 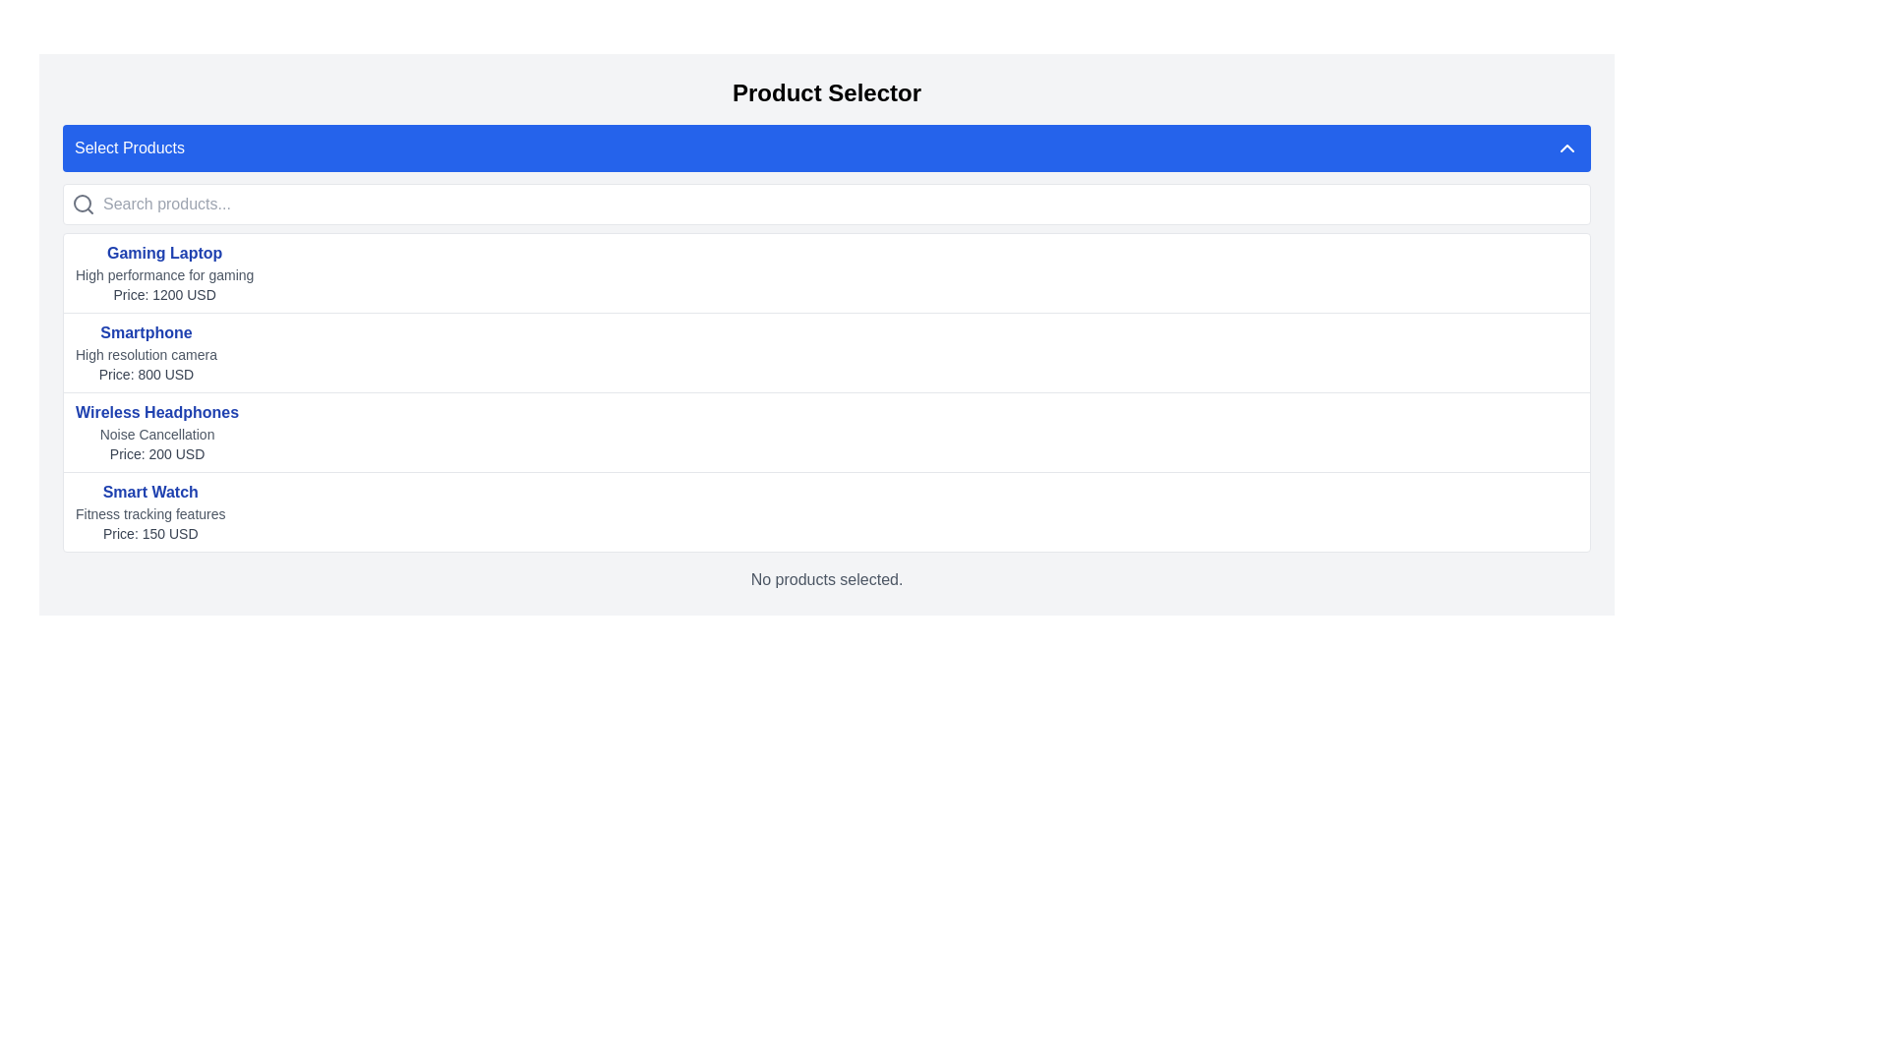 What do you see at coordinates (157, 454) in the screenshot?
I see `the text label displaying 'Price: 200 USD' for the product 'Wireless Headphones', which is styled in gray and positioned below the subtitle 'Noise Cancellation'` at bounding box center [157, 454].